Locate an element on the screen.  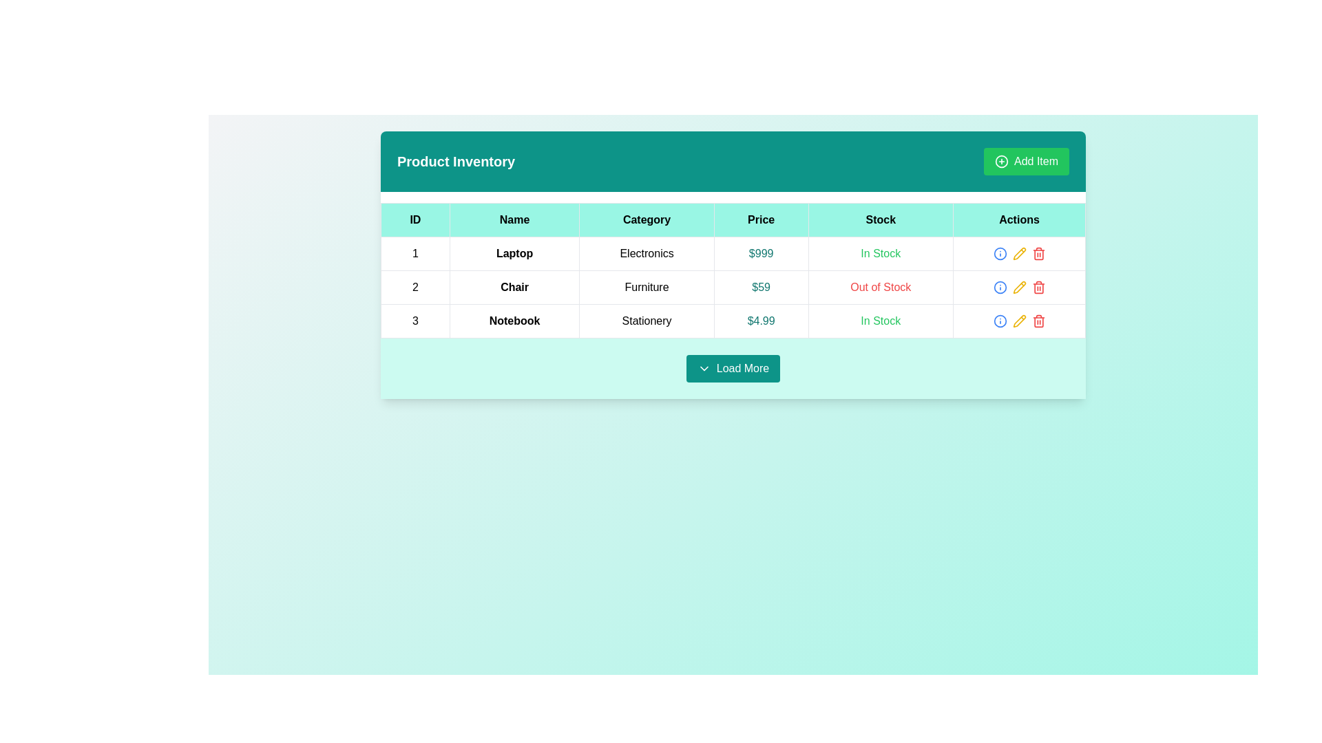
the 'Chair' text label, which is displayed in bold style in the second row and second column of a table under the 'Name' header is located at coordinates (514, 286).